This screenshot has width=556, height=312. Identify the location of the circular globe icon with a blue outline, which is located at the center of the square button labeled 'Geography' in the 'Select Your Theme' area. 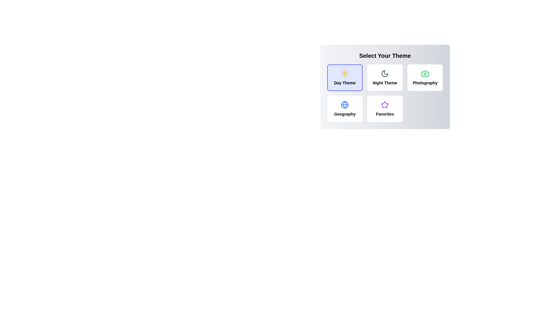
(345, 105).